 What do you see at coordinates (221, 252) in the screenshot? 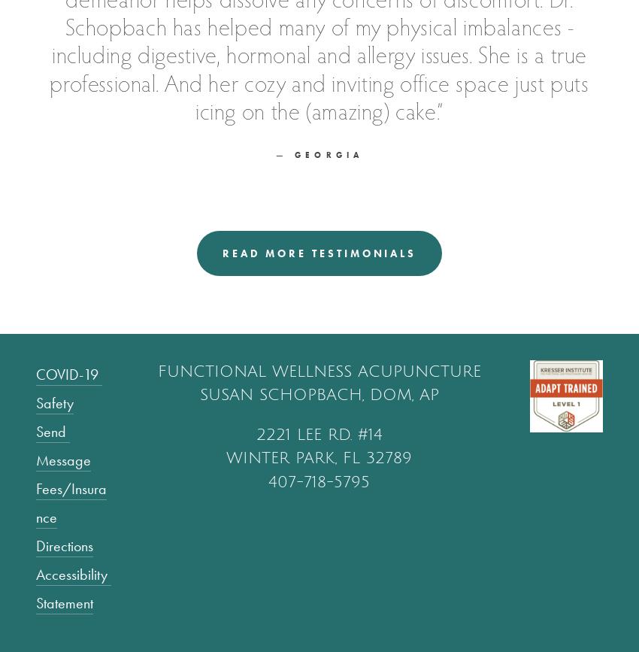
I see `'read more testimonials'` at bounding box center [221, 252].